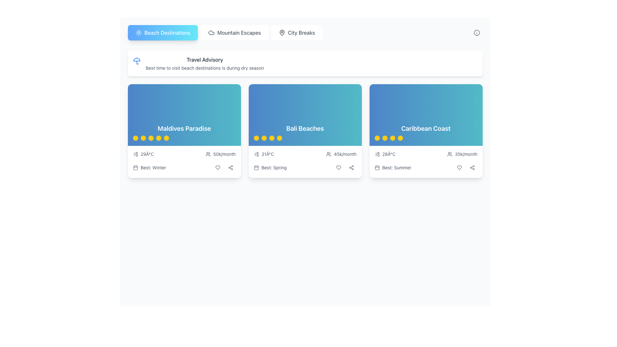 The image size is (617, 347). What do you see at coordinates (147, 154) in the screenshot?
I see `the temperature display text label (29°C) located in the lower part of the 'Maldives Paradise' card, to the left of the visitor count and 'Best: Winter' text` at bounding box center [147, 154].